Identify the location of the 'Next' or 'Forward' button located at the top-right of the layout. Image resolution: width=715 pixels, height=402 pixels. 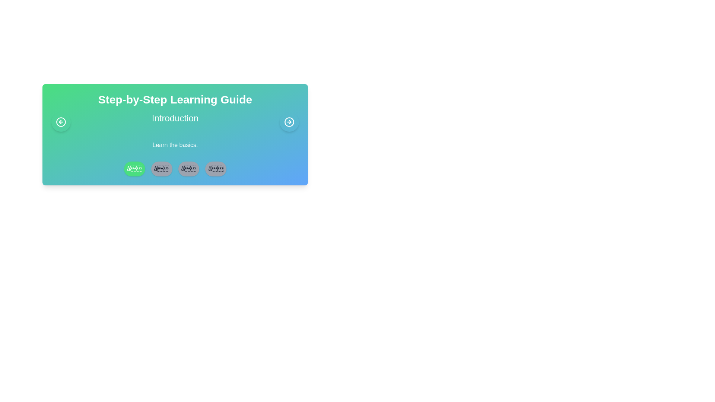
(289, 121).